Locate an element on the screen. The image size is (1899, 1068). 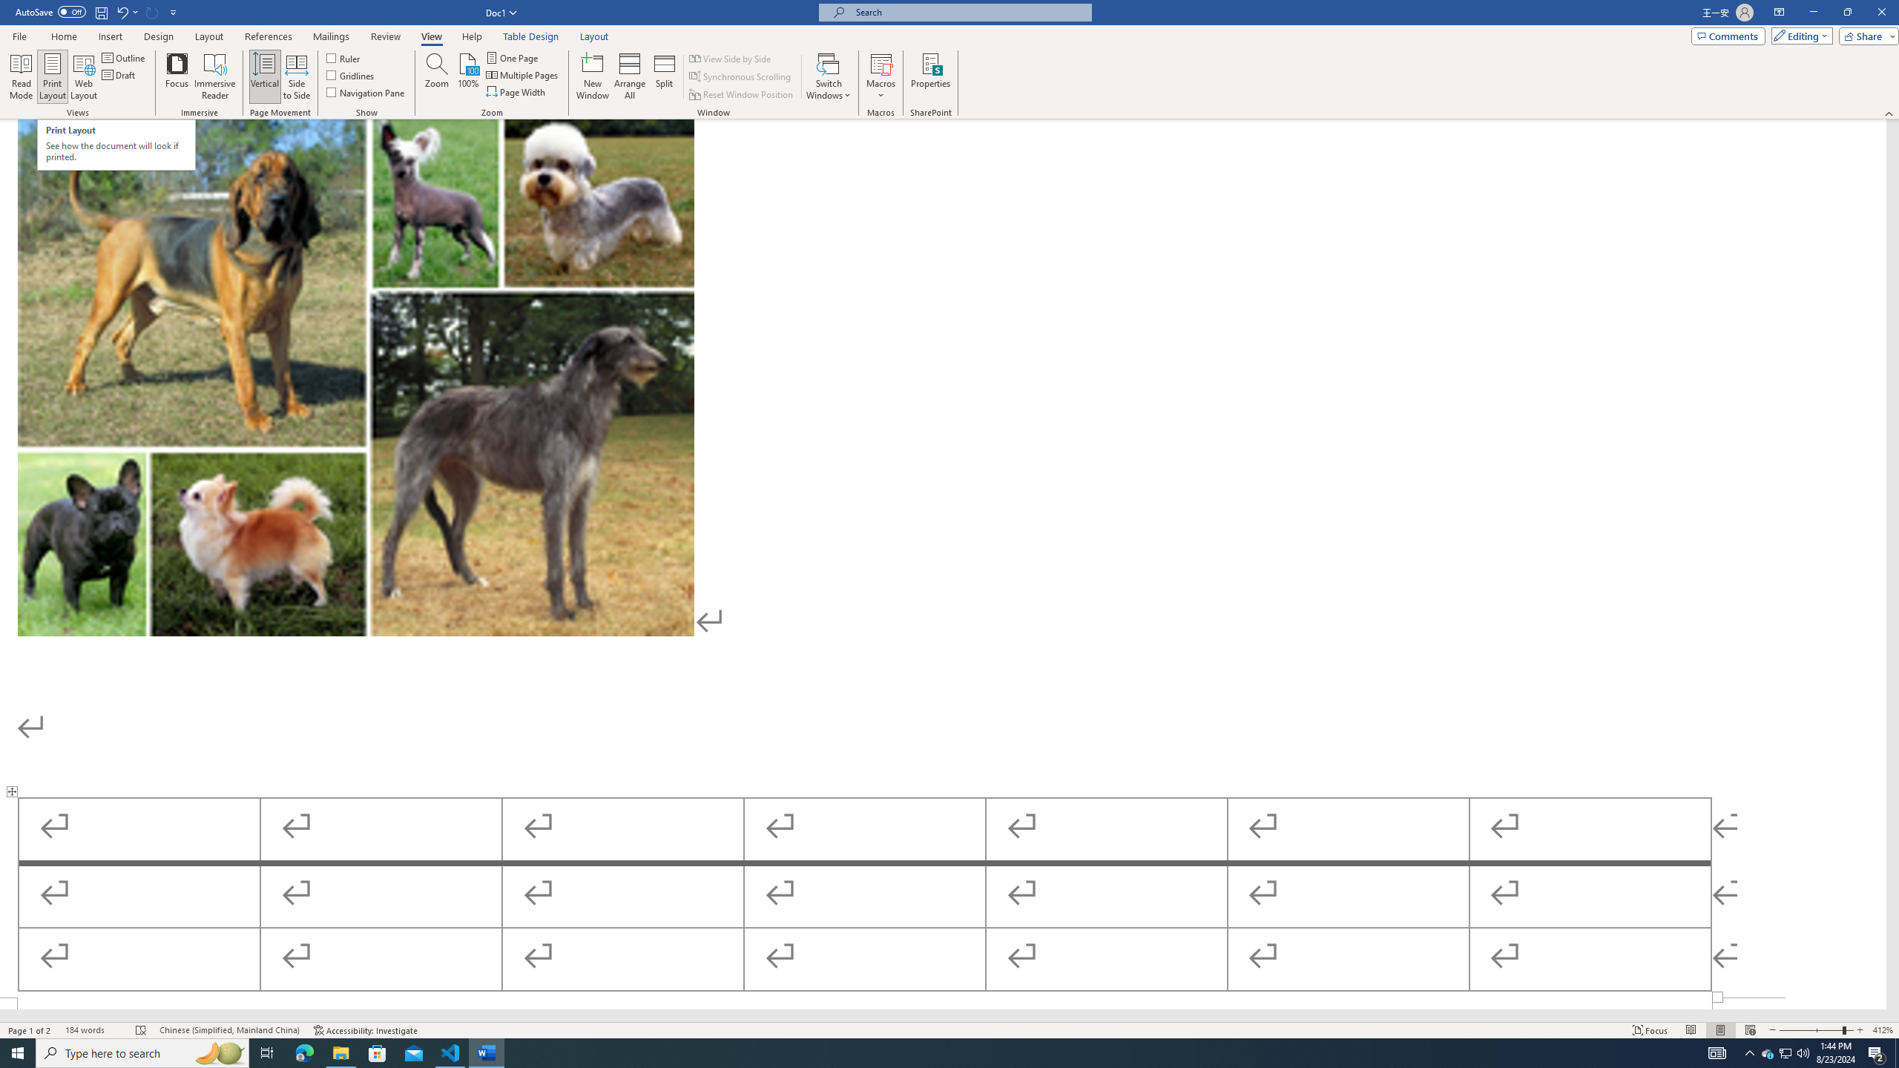
'Switch Windows' is located at coordinates (828, 76).